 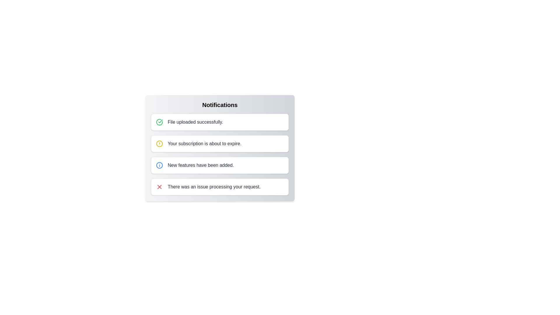 I want to click on the alert icon located to the left of the notification text 'Your subscription is about to expire.' within the notification card, so click(x=160, y=144).